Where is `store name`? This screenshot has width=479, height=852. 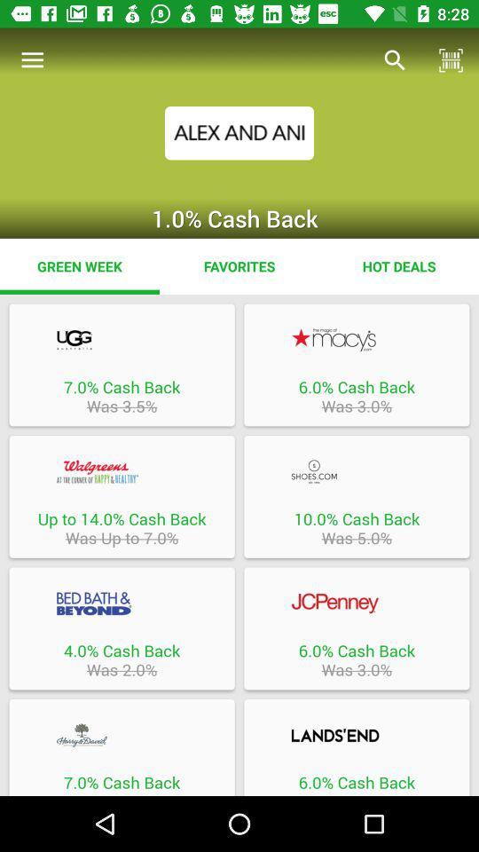
store name is located at coordinates (357, 735).